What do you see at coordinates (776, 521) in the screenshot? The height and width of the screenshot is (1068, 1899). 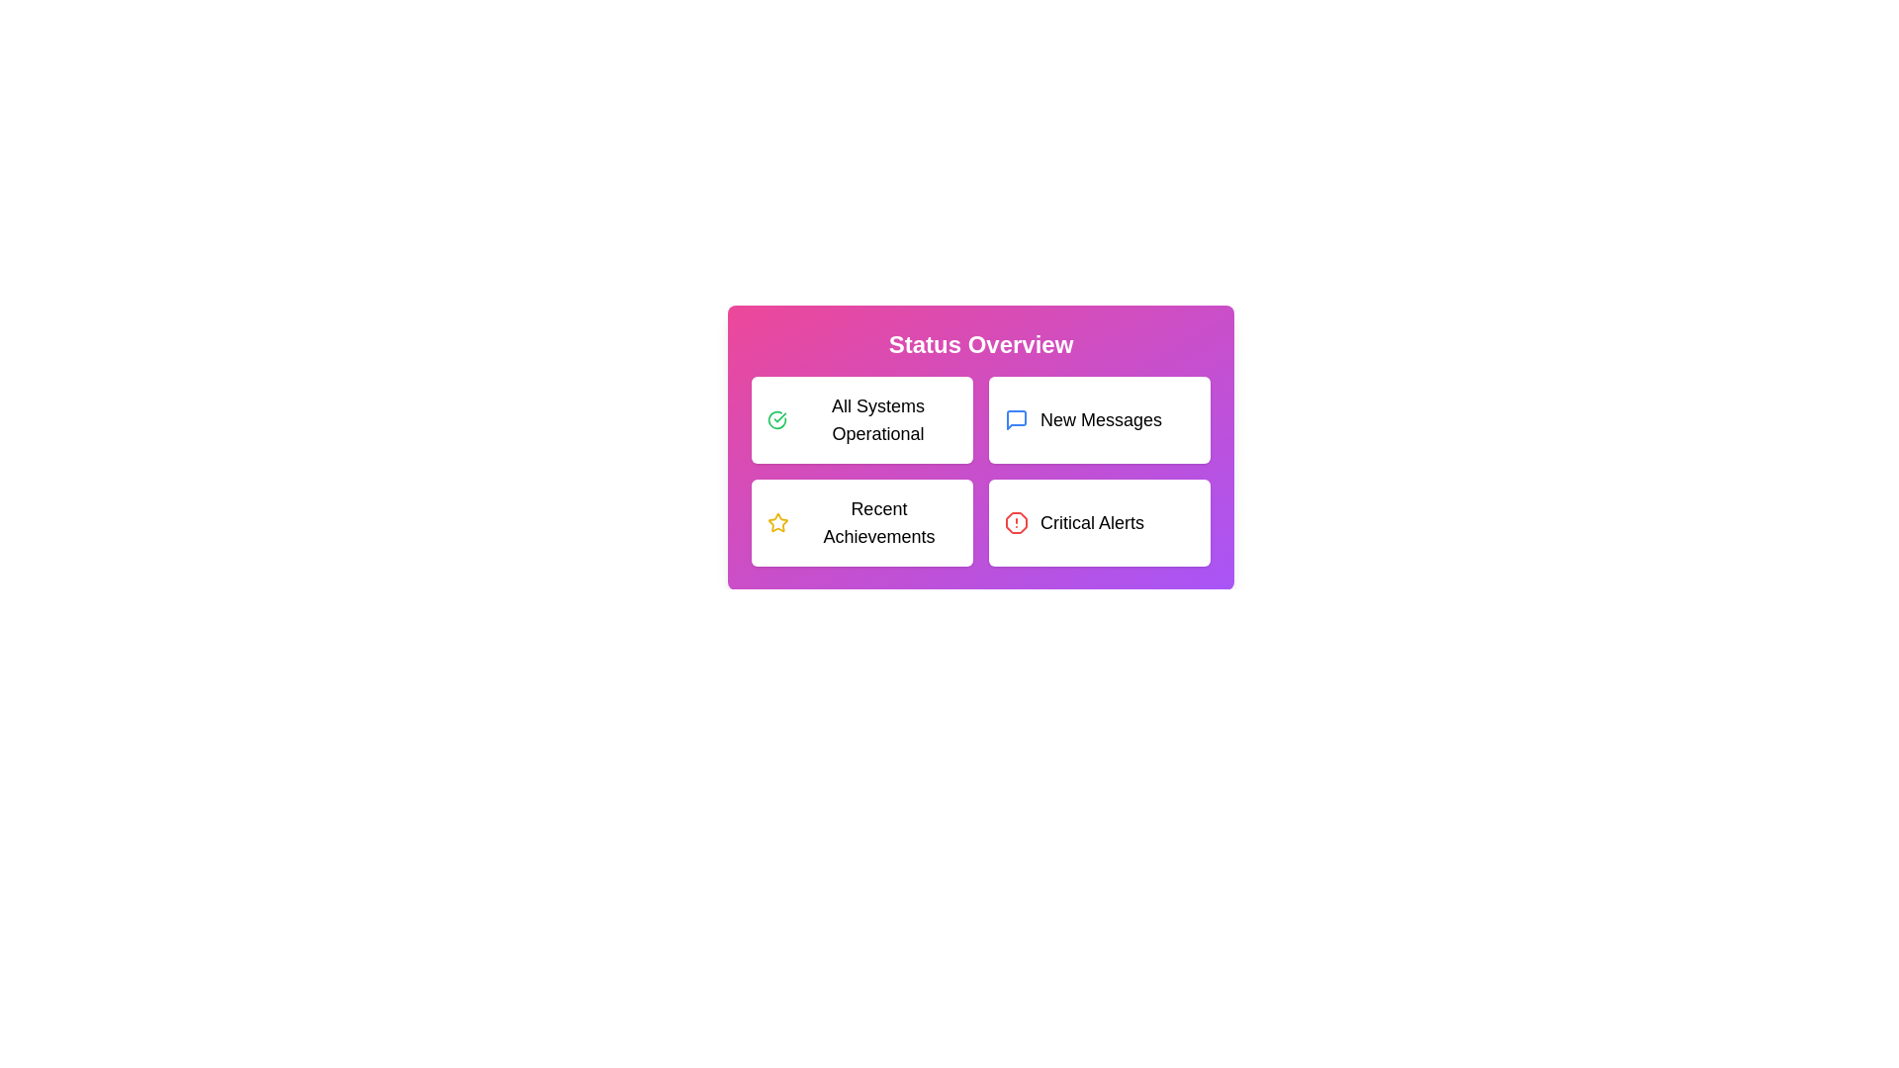 I see `the star-shaped icon with a yellow fill and white outline located in the 'Recent Achievements' section, below the 'Status Overview' title` at bounding box center [776, 521].